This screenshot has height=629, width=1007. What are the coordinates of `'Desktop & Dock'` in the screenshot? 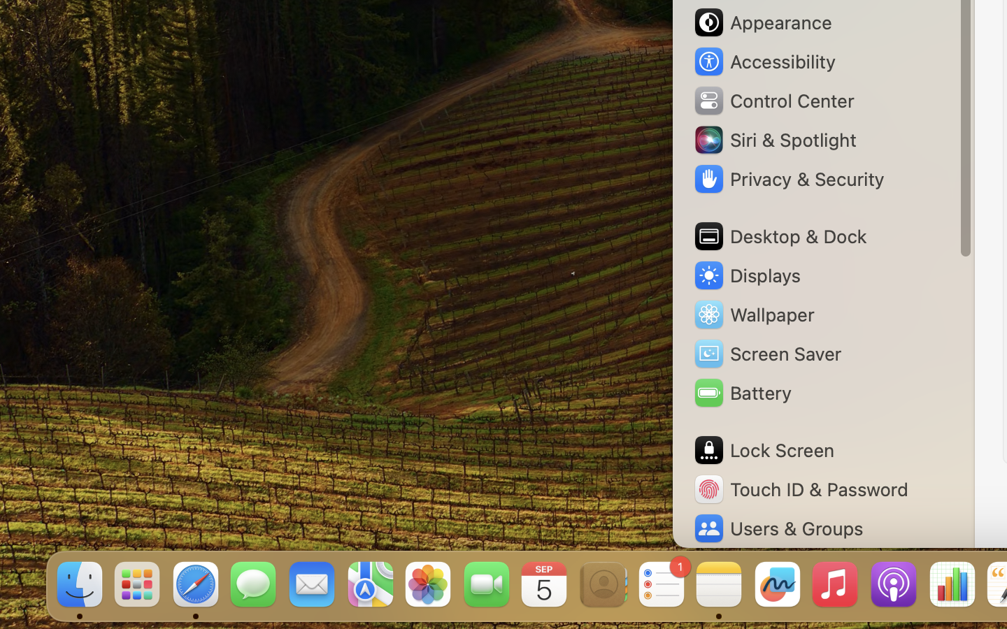 It's located at (778, 236).